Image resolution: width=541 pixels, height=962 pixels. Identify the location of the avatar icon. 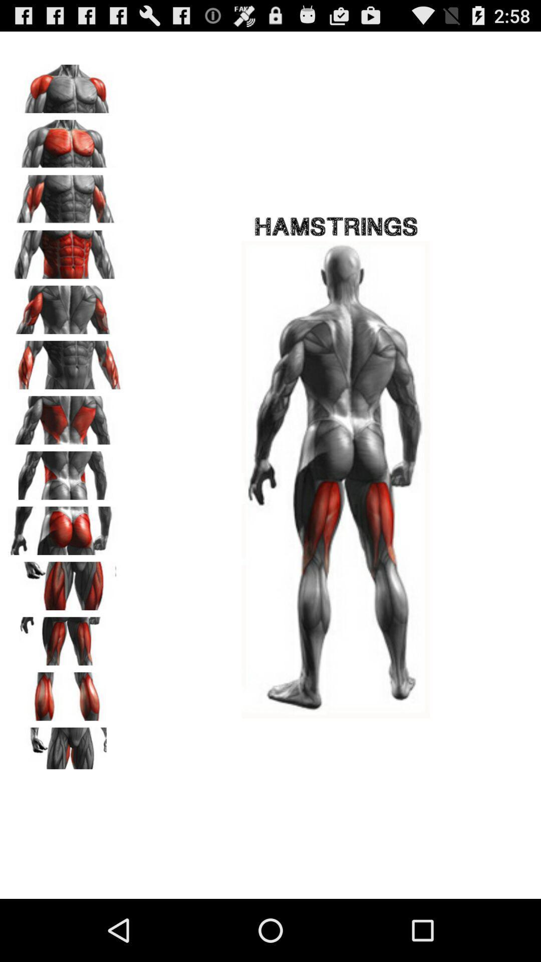
(66, 800).